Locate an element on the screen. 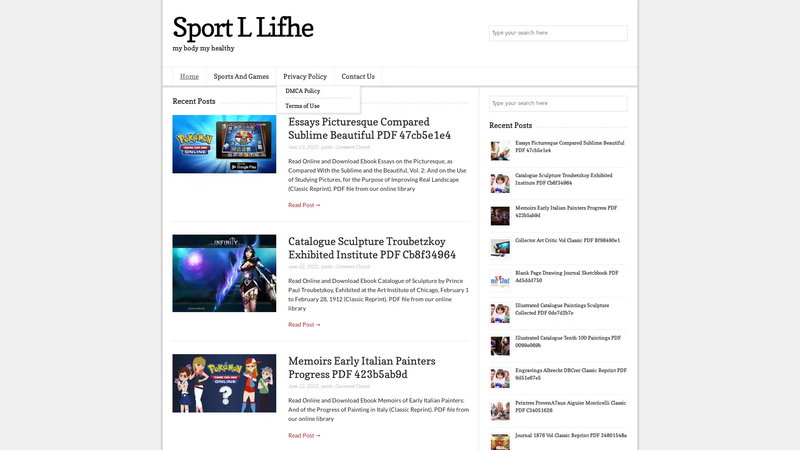 This screenshot has height=450, width=800. Search is located at coordinates (619, 103).